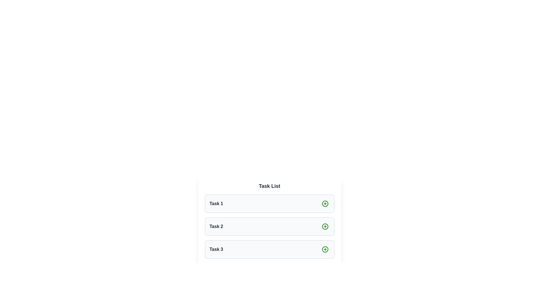 This screenshot has height=301, width=536. What do you see at coordinates (325, 227) in the screenshot?
I see `the circular green '+' button located to the right of the 'Task 2' label` at bounding box center [325, 227].